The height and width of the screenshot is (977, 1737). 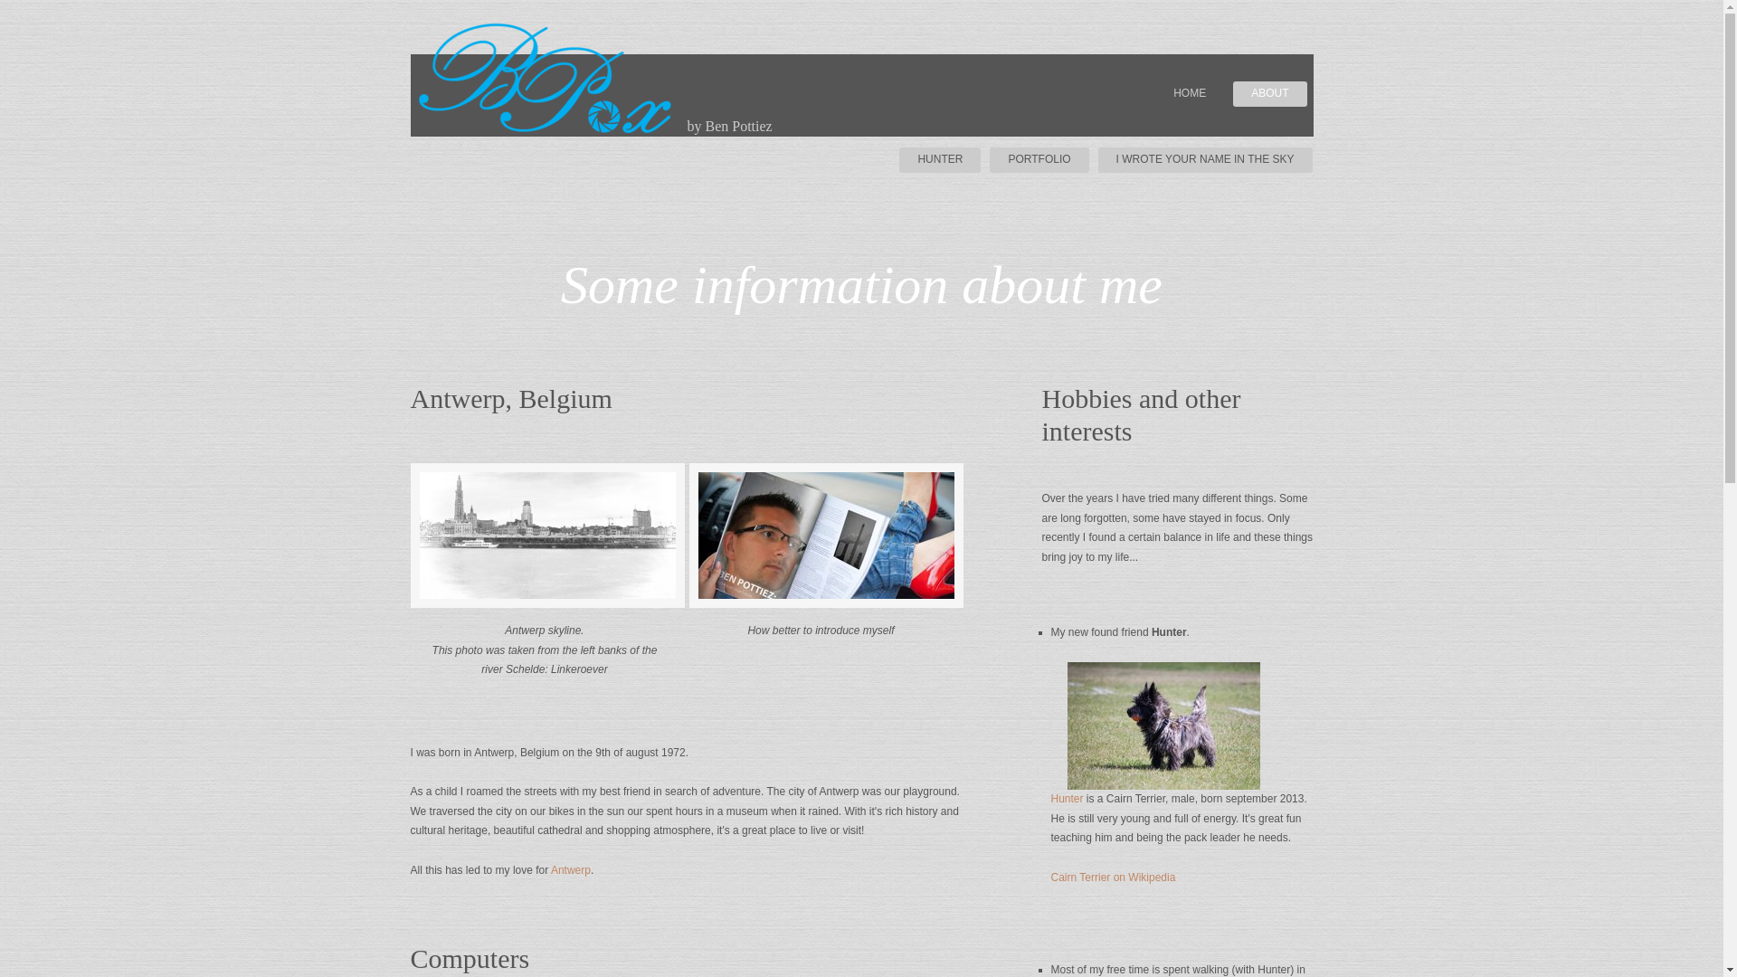 What do you see at coordinates (1190, 94) in the screenshot?
I see `'HOME'` at bounding box center [1190, 94].